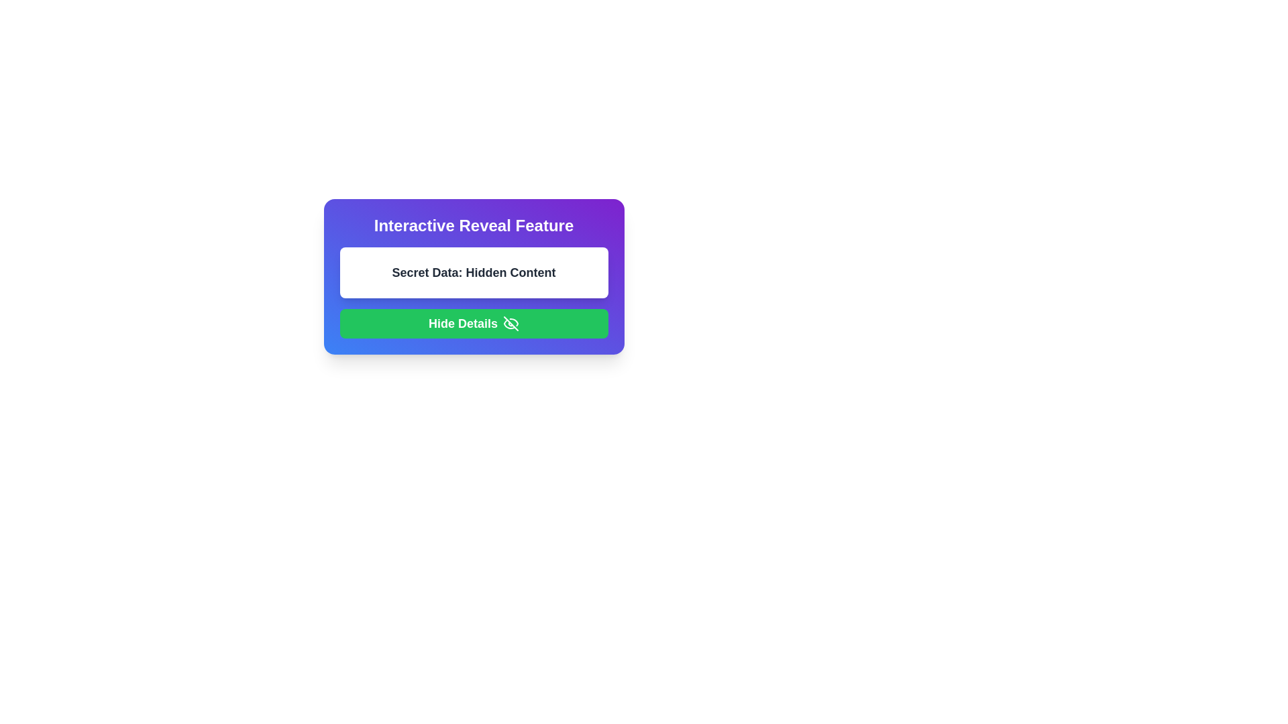 The width and height of the screenshot is (1288, 724). What do you see at coordinates (474, 225) in the screenshot?
I see `text heading that introduces or describes the content of the surrounding interface, positioned above the 'Secret Data: Hidden Content' section` at bounding box center [474, 225].